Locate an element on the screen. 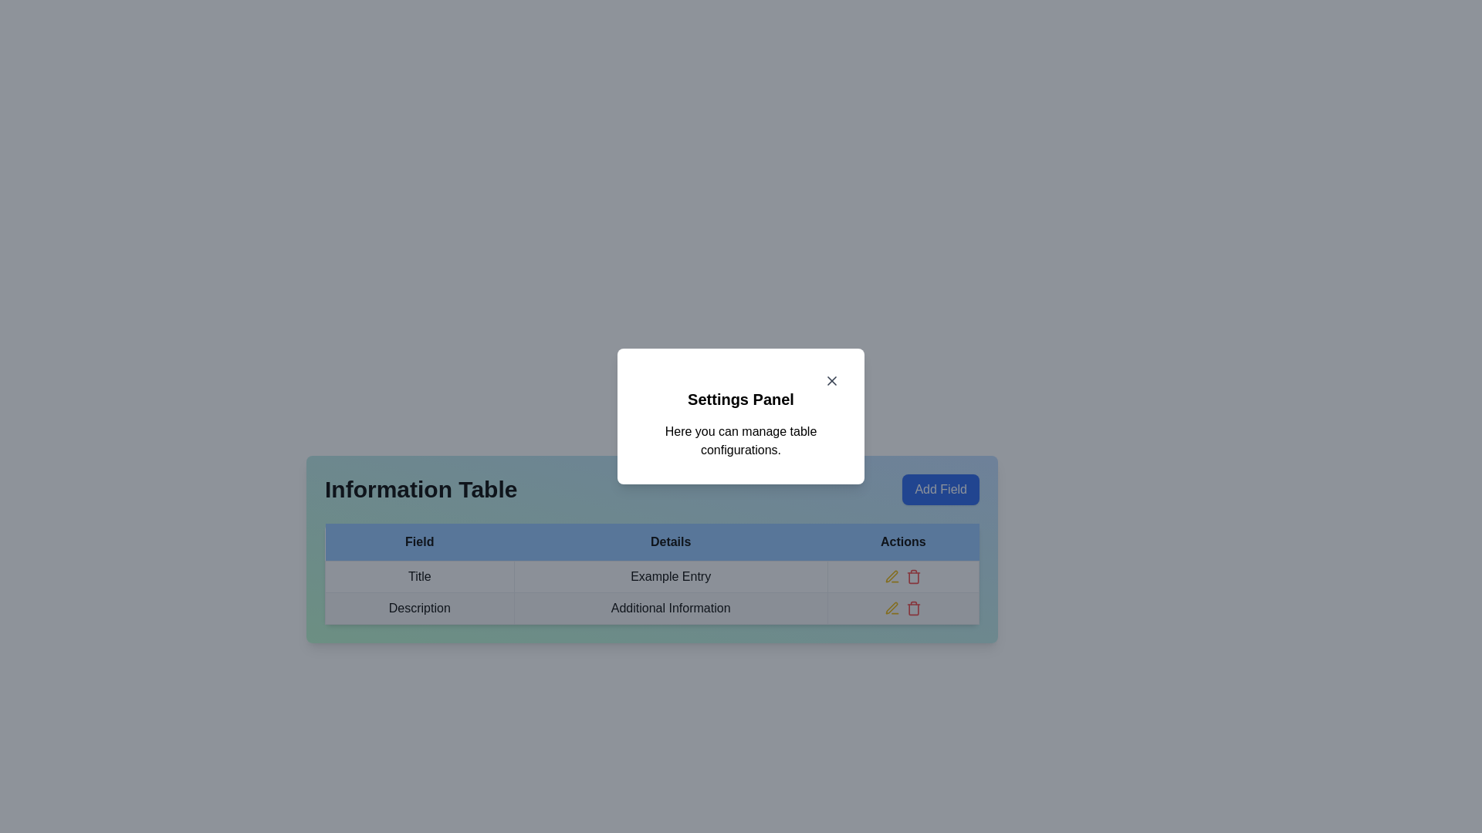 The height and width of the screenshot is (833, 1482). the delete icon button located in the 'Actions' column of the second row in the table below the 'Information Table' heading is located at coordinates (914, 608).